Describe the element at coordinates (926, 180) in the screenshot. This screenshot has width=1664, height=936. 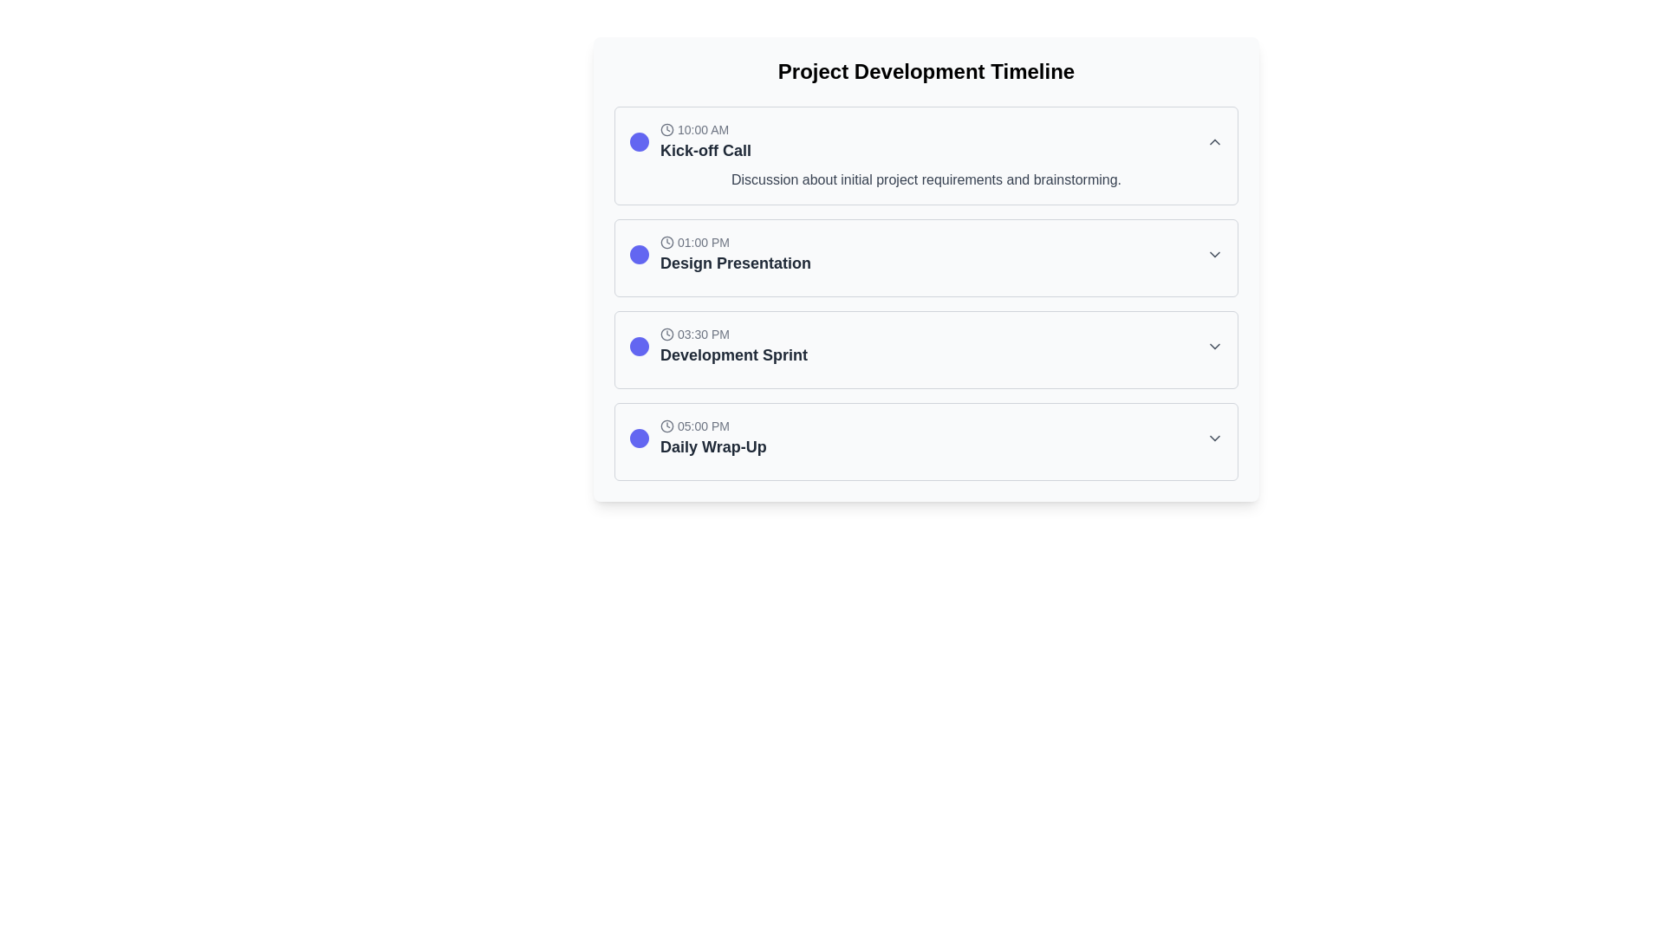
I see `the Text Label that provides a description for the timeline event 'Kick-off Call' at '10:00 AM', located in the first timeline entry` at that location.